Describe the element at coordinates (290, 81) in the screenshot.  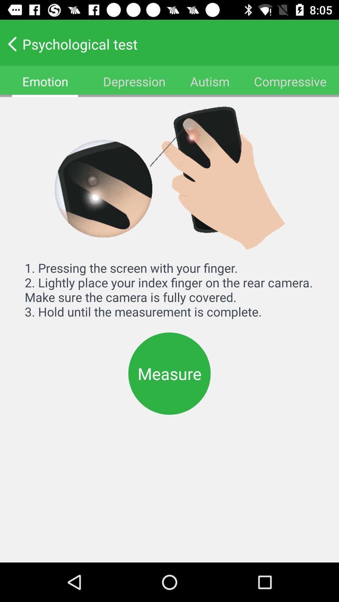
I see `the compressive` at that location.